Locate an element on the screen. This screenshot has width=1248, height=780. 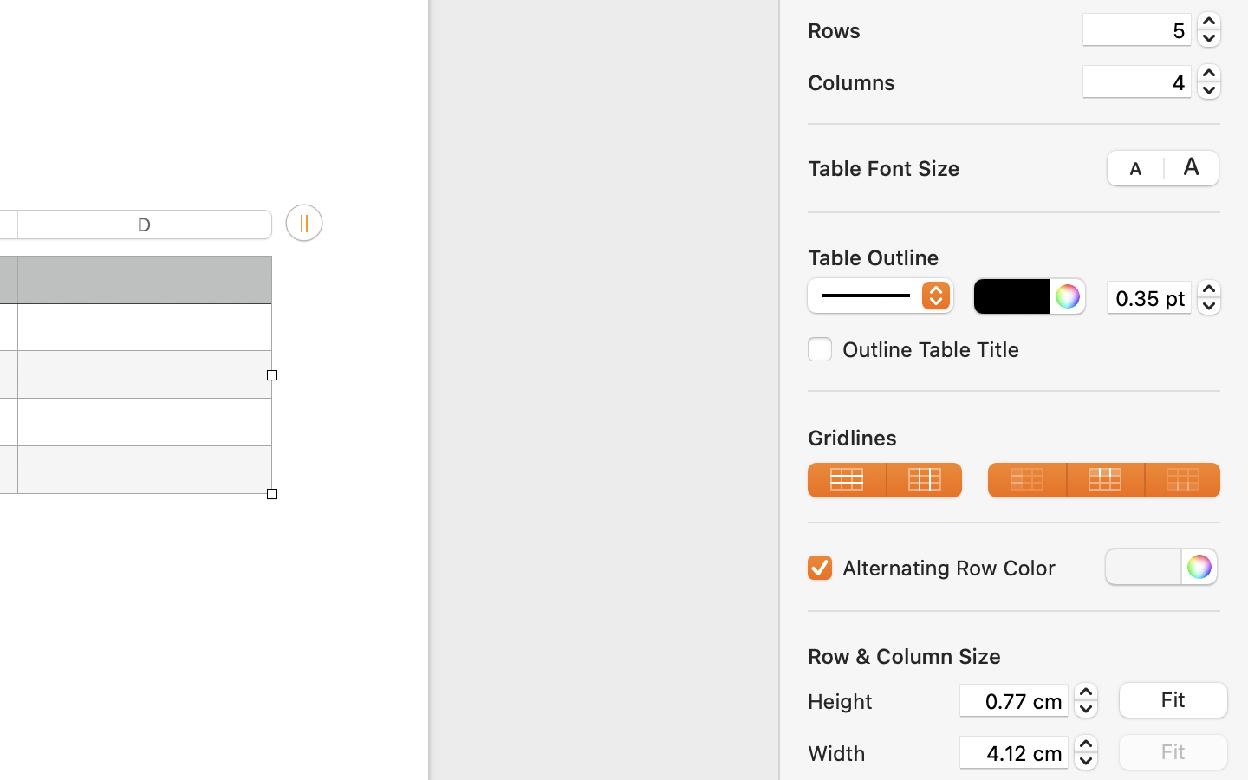
'5' is located at coordinates (1136, 29).